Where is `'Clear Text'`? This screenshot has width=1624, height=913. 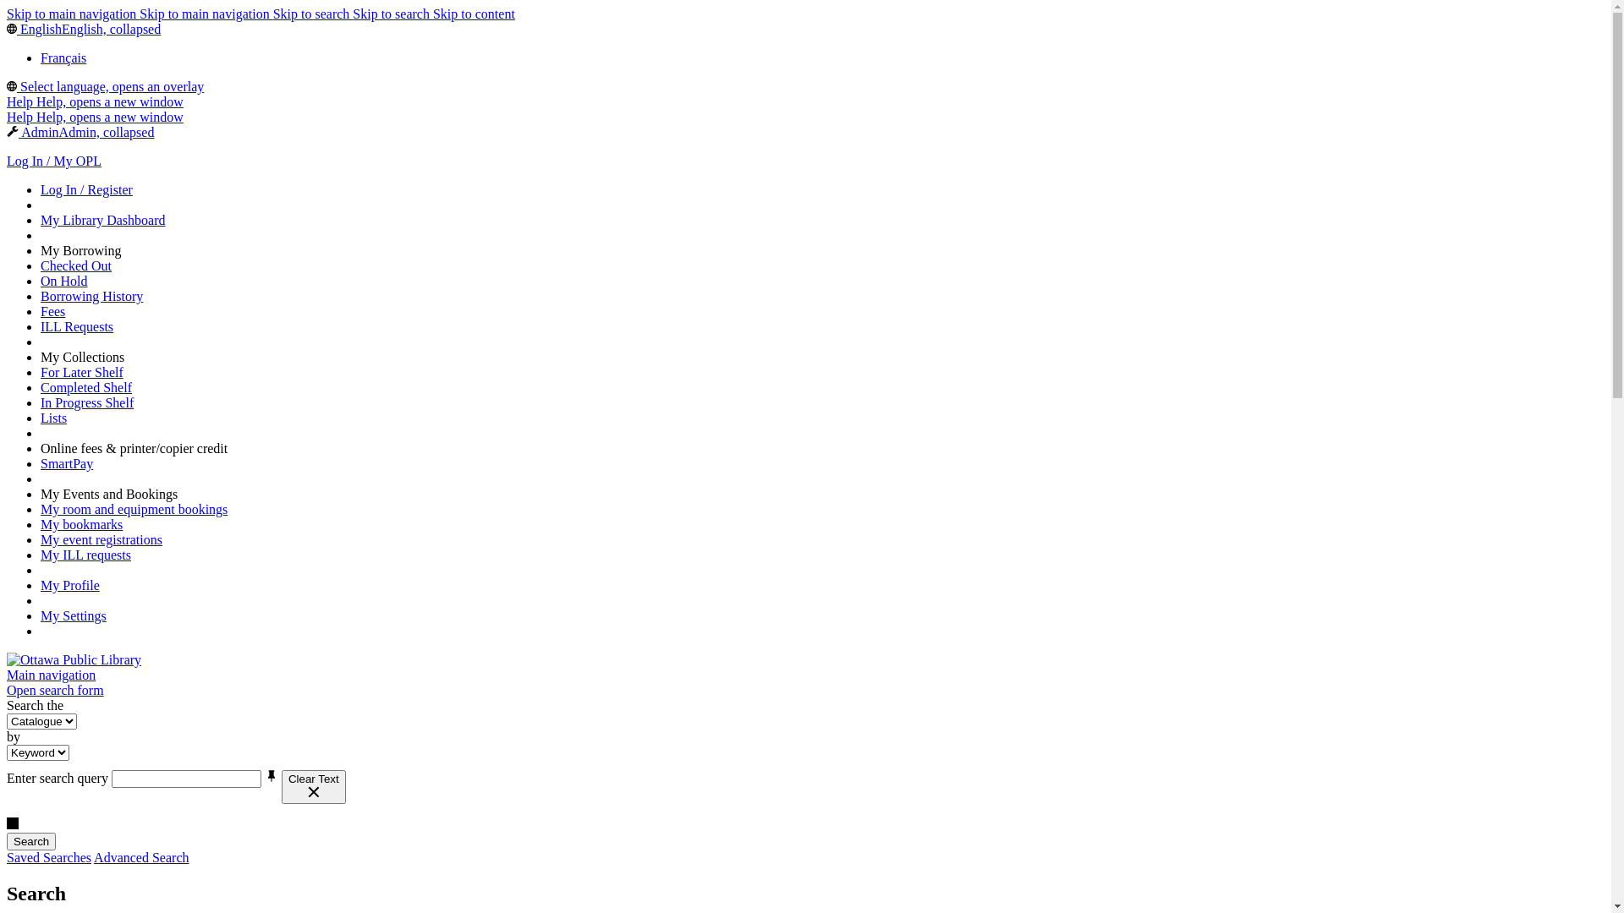
'Clear Text' is located at coordinates (313, 786).